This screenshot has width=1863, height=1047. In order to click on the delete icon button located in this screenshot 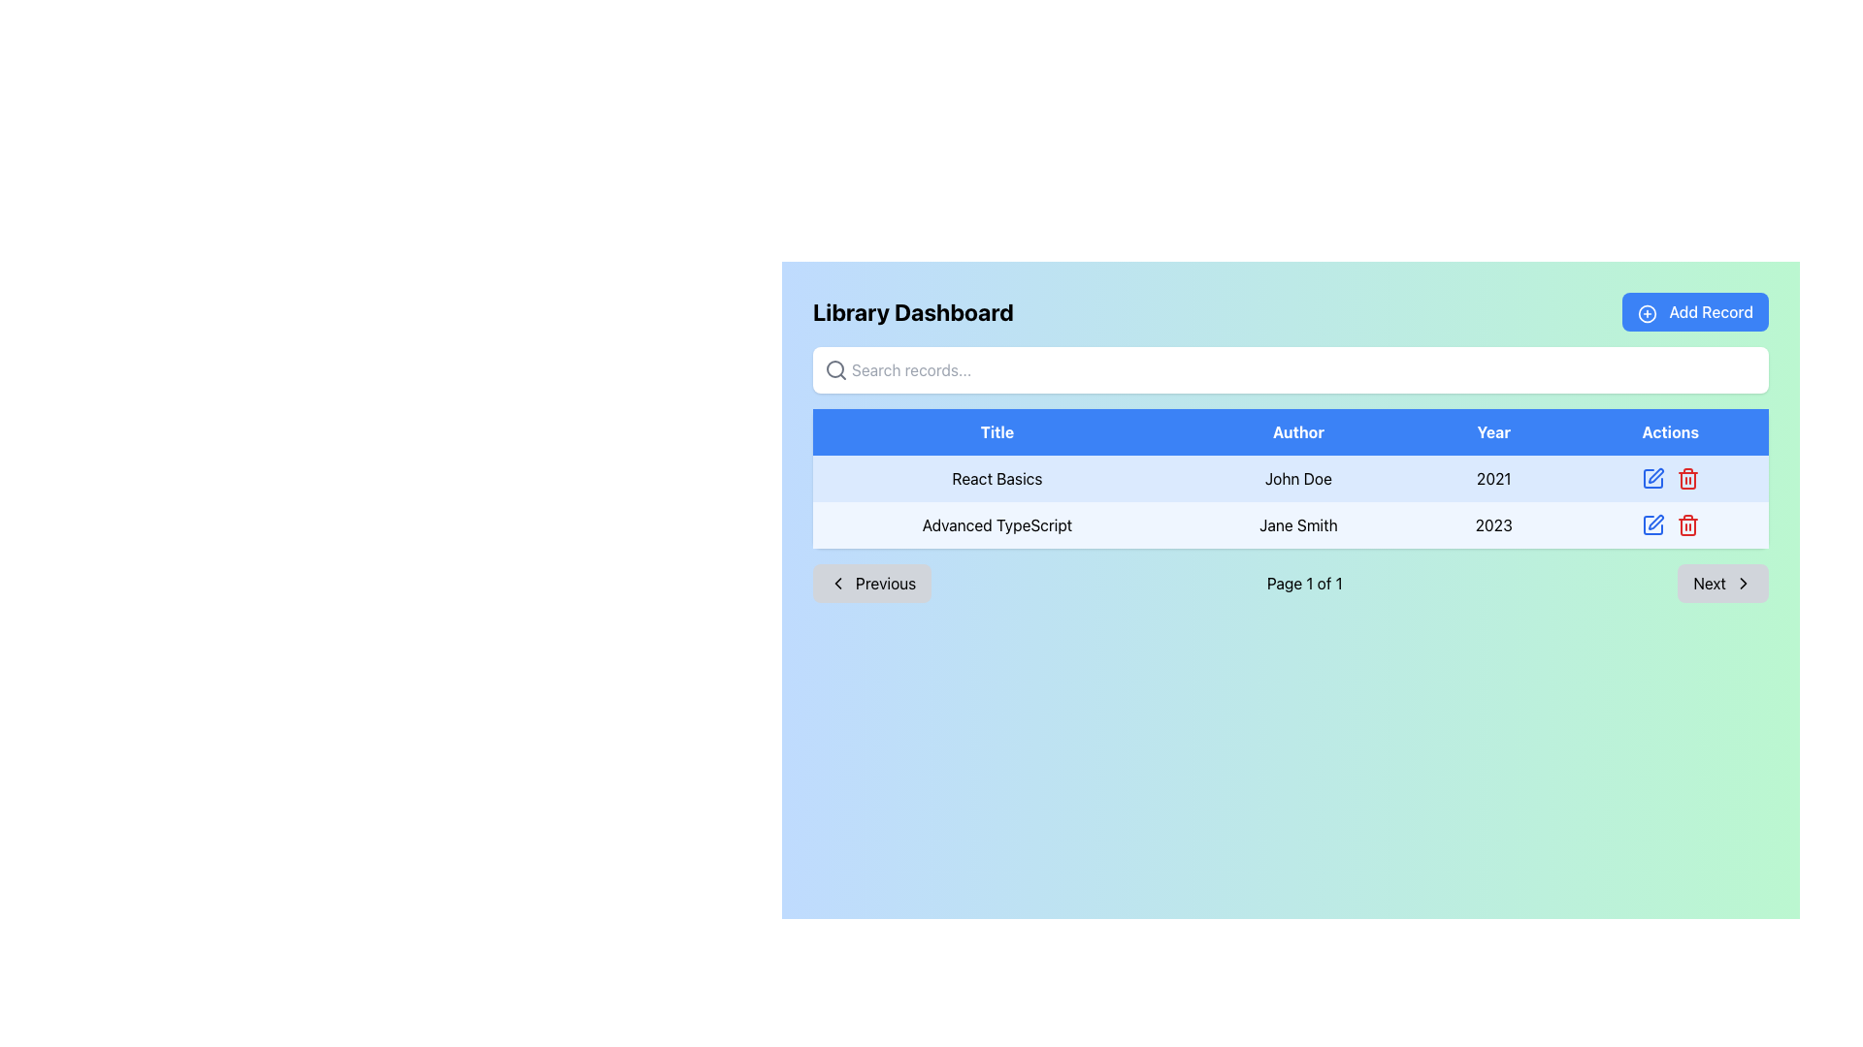, I will do `click(1686, 525)`.